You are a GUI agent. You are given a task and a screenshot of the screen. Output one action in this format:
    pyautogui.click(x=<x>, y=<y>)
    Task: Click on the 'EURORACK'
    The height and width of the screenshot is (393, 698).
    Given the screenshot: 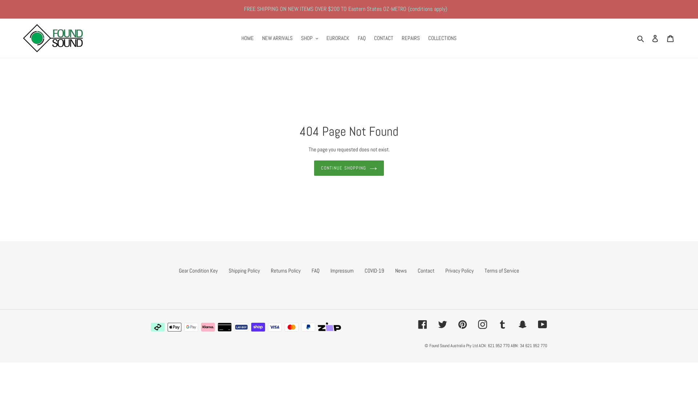 What is the action you would take?
    pyautogui.click(x=322, y=38)
    